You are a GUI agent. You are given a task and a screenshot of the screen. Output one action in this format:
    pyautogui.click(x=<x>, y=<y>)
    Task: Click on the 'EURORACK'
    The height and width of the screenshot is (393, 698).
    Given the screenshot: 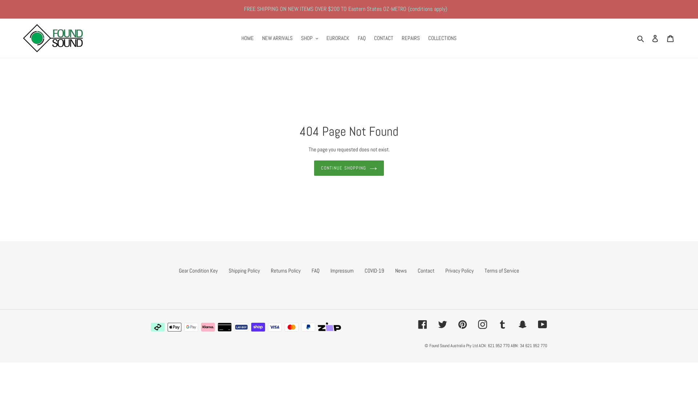 What is the action you would take?
    pyautogui.click(x=322, y=38)
    